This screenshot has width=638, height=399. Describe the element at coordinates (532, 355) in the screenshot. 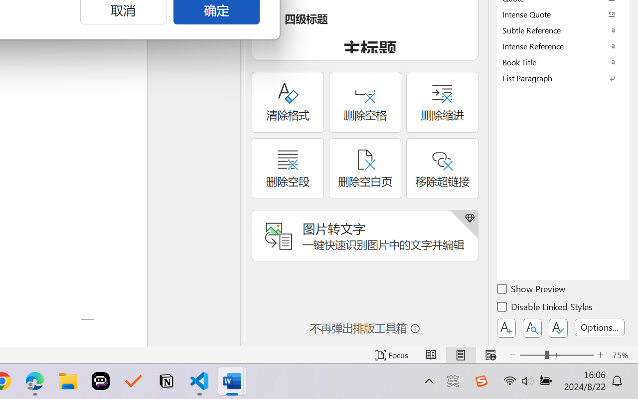

I see `'Zoom Out'` at that location.